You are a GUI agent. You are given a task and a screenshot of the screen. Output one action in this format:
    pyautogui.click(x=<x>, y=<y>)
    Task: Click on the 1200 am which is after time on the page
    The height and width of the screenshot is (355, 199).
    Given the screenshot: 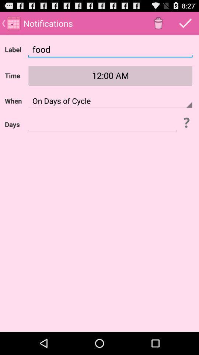 What is the action you would take?
    pyautogui.click(x=110, y=75)
    